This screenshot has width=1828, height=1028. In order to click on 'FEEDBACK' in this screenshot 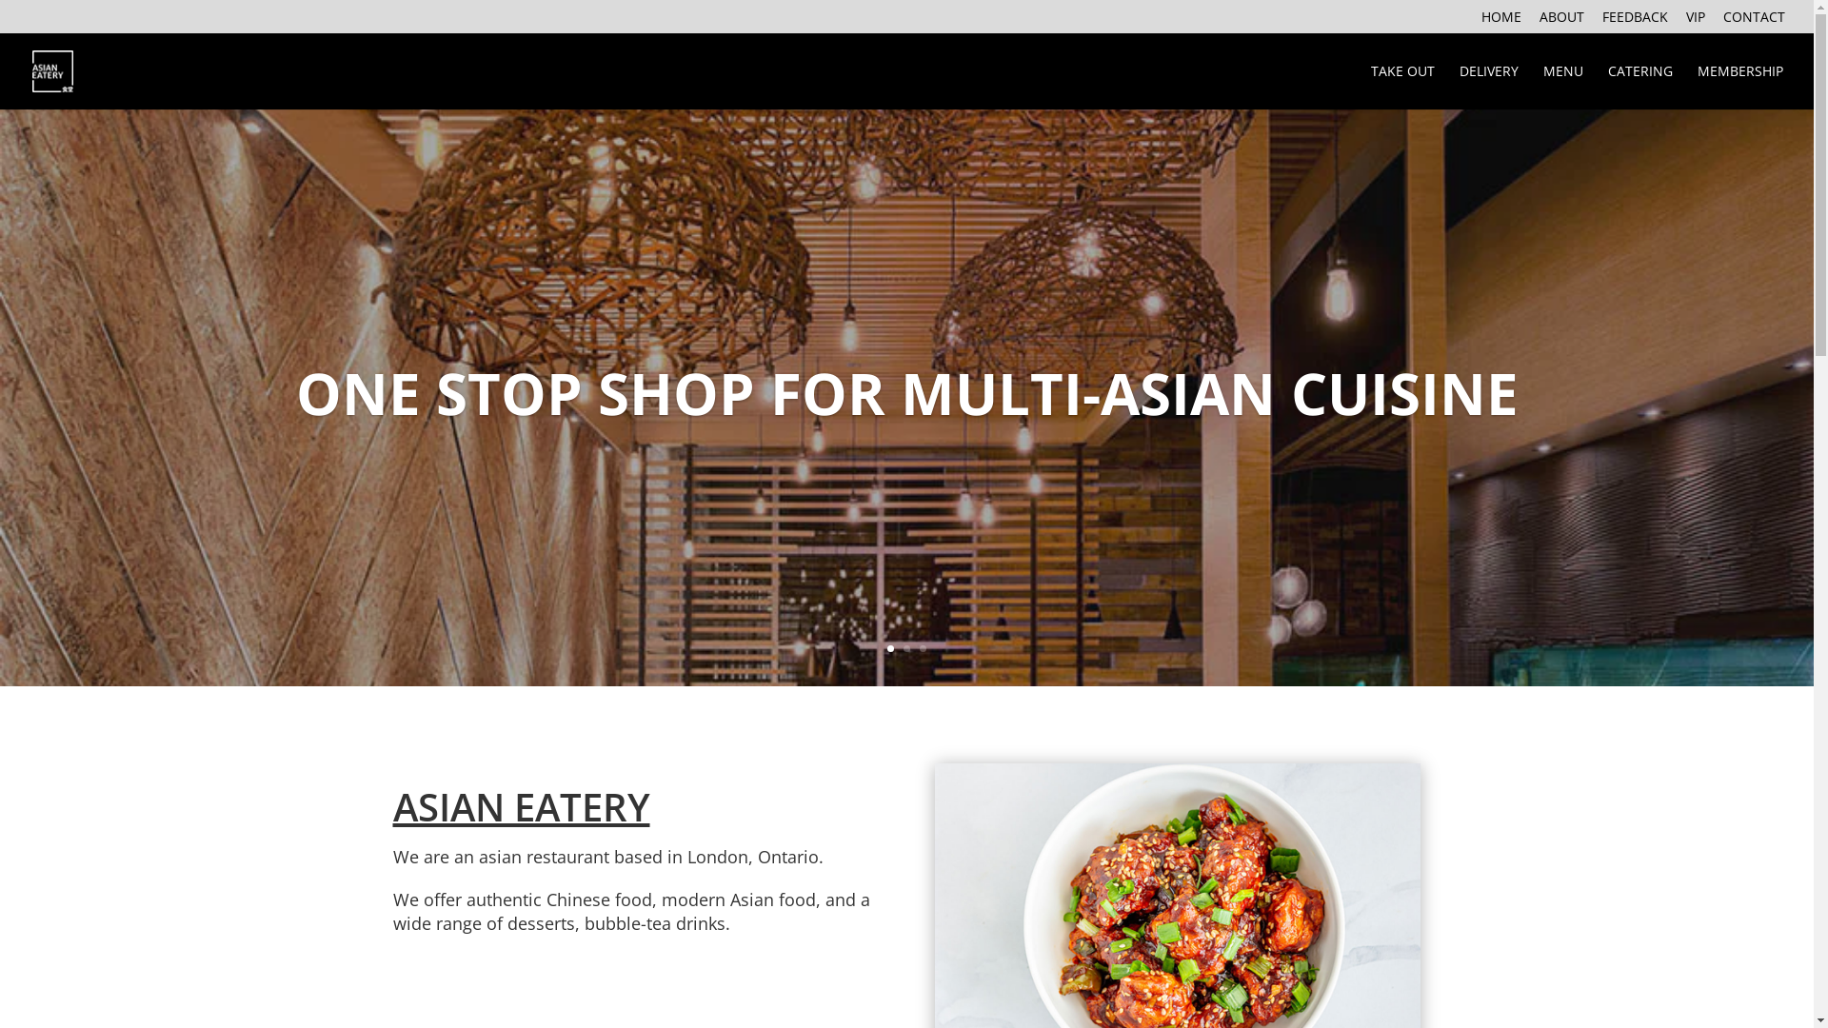, I will do `click(1634, 21)`.